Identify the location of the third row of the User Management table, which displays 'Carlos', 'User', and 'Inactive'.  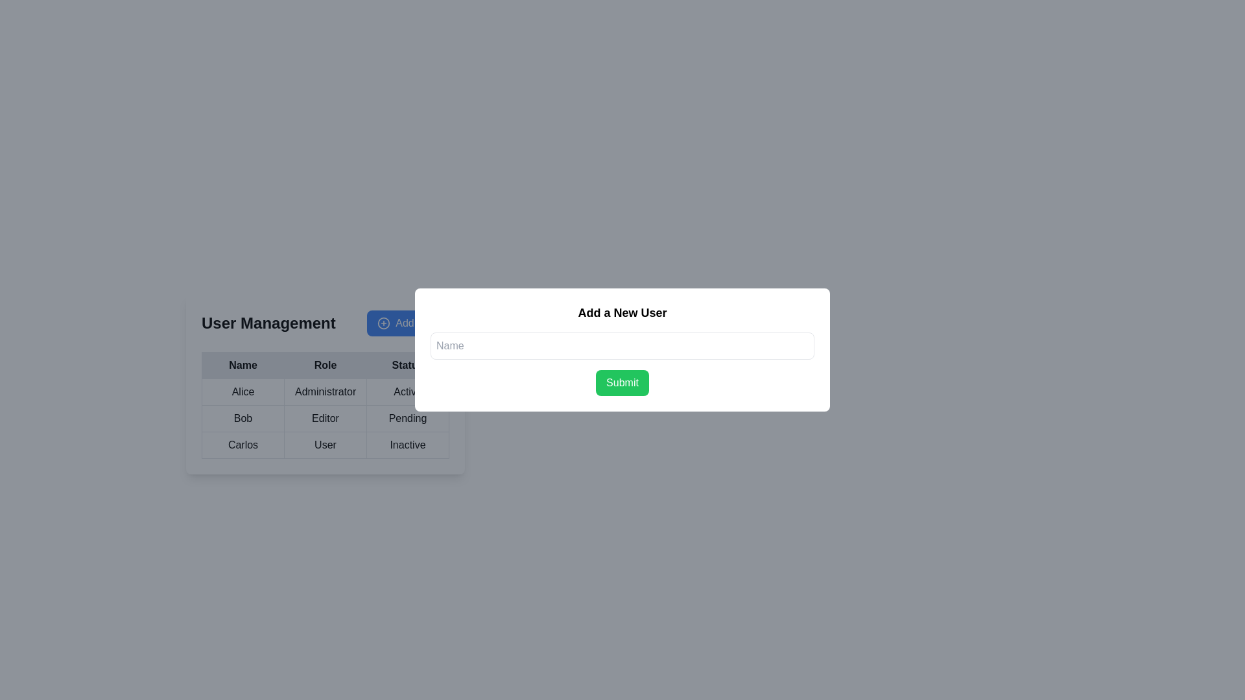
(326, 444).